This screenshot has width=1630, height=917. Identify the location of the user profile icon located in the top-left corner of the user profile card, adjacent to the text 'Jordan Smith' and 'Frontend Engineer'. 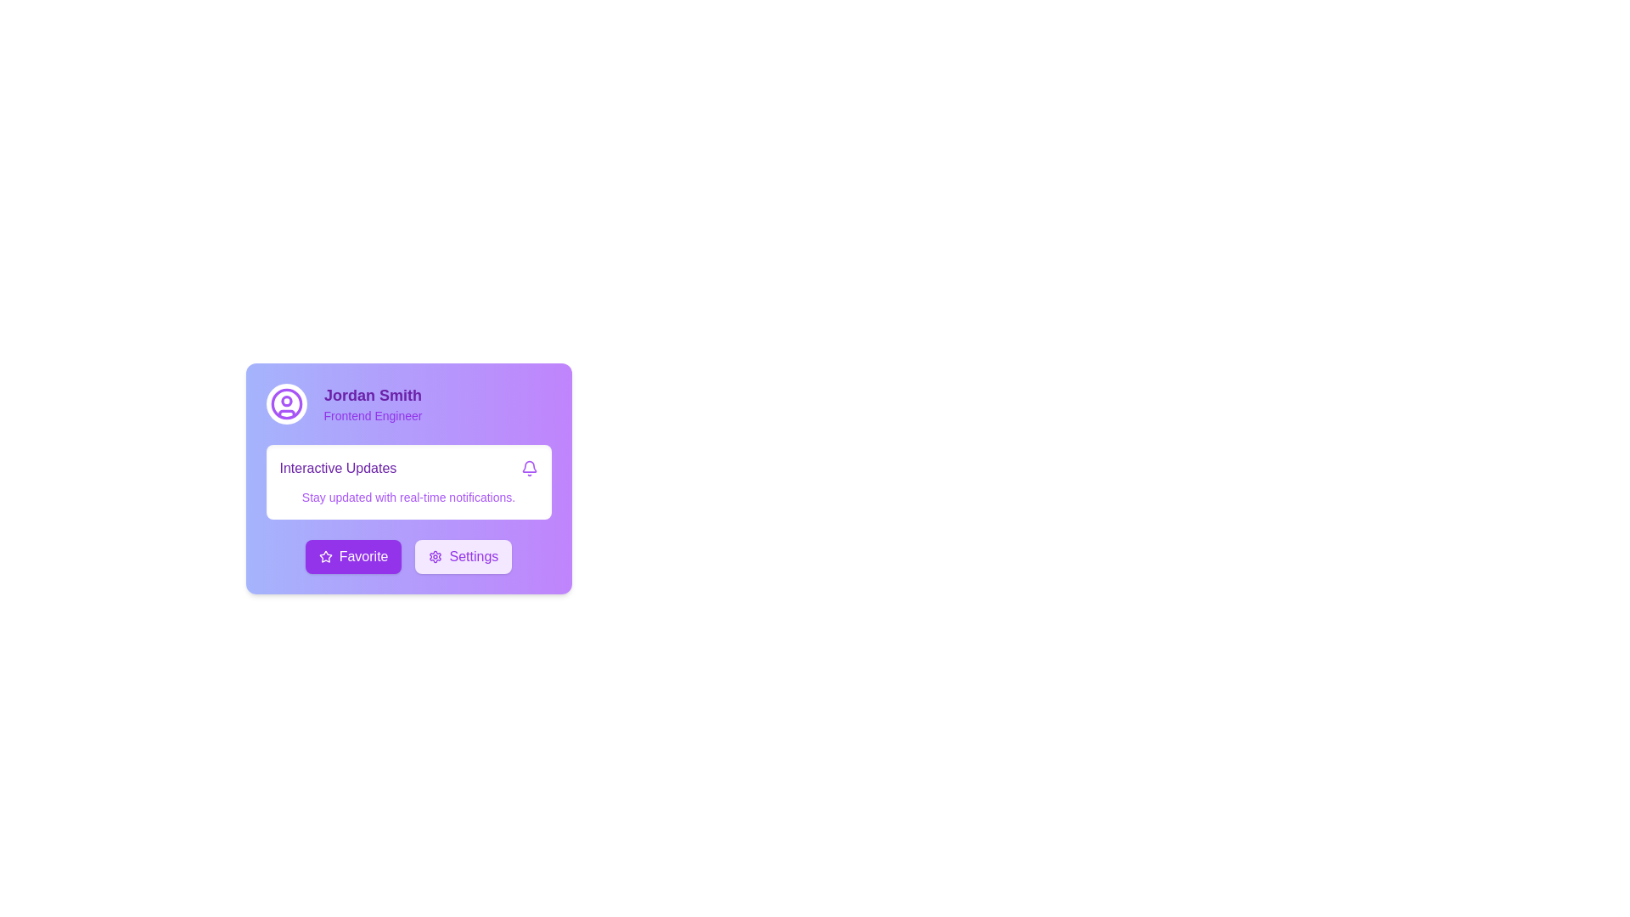
(286, 403).